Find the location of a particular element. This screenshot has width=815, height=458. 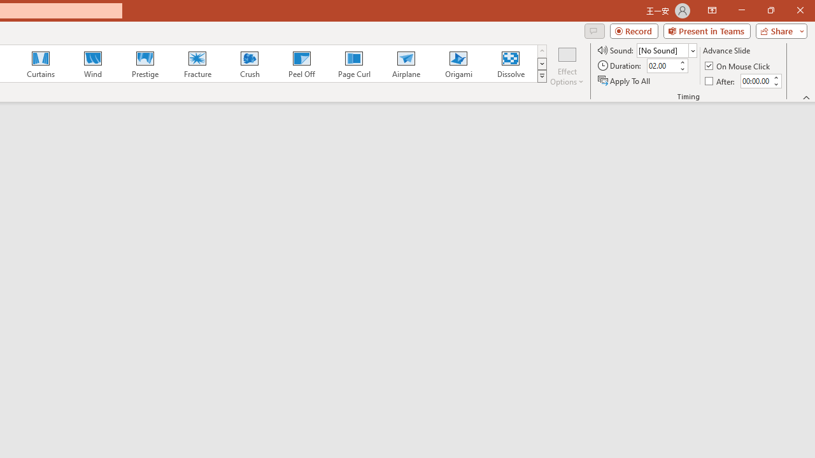

'On Mouse Click' is located at coordinates (738, 66).